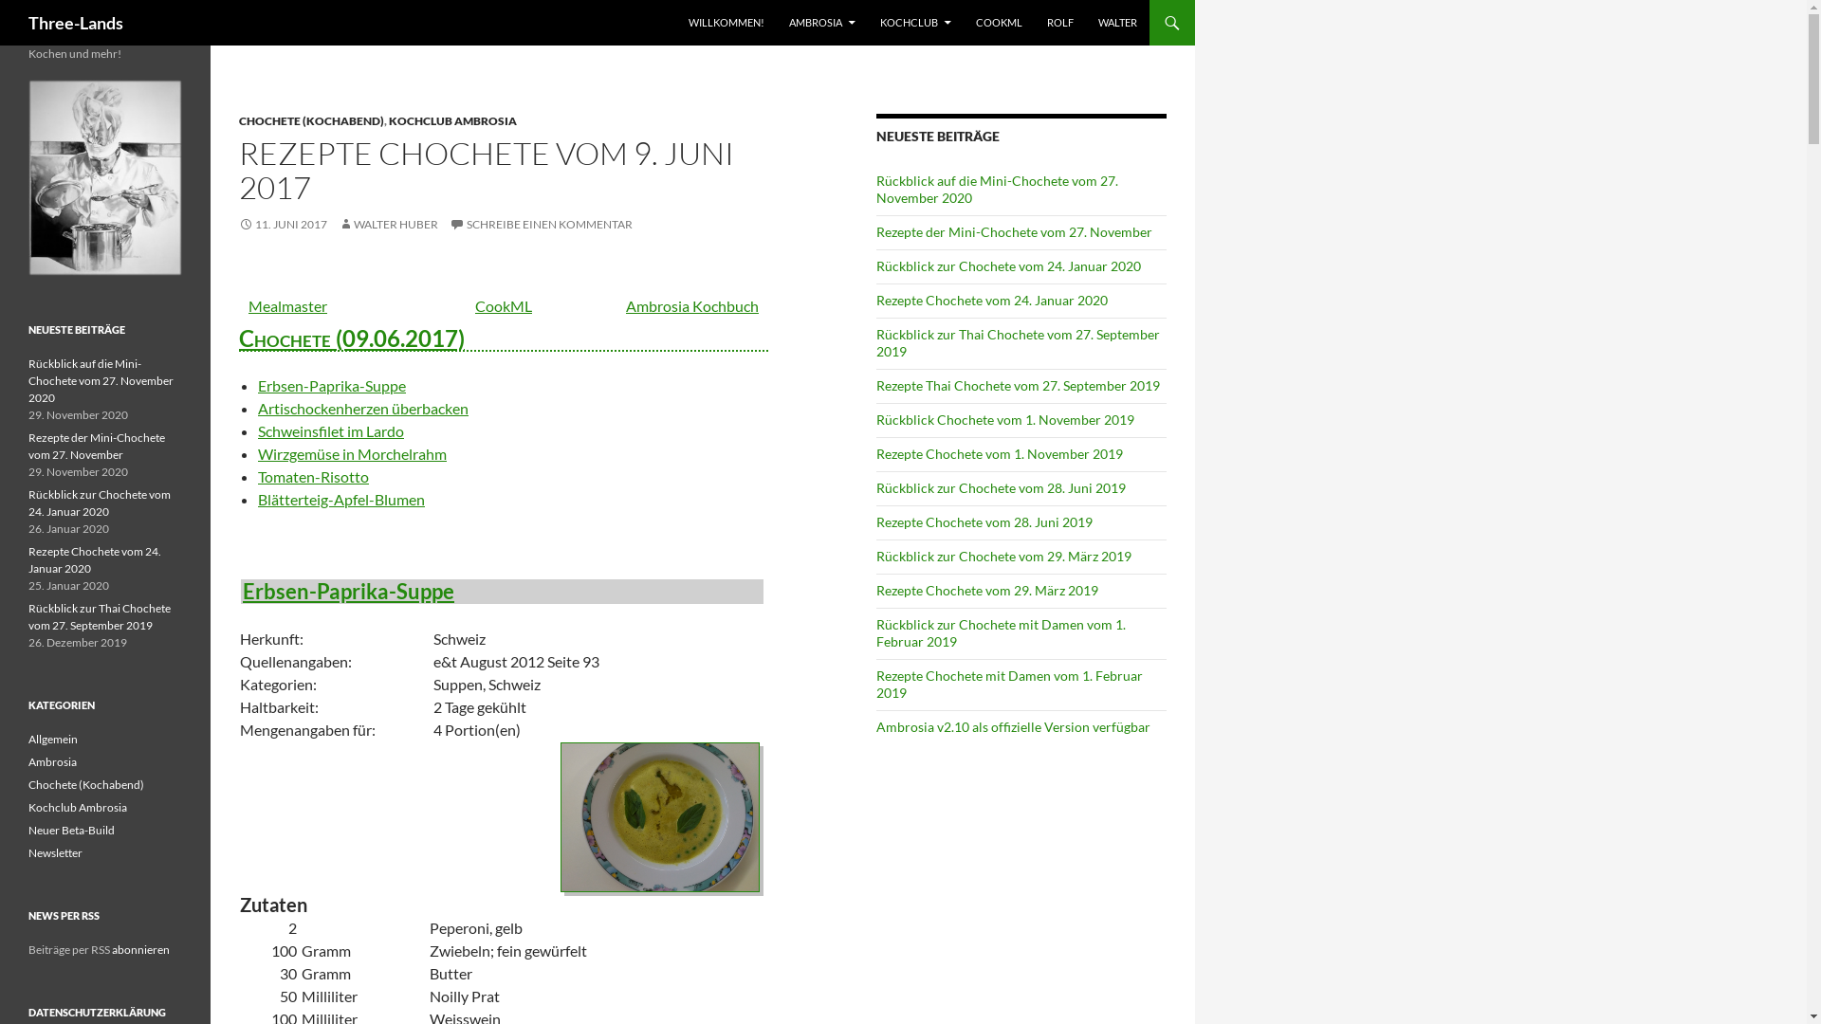  I want to click on 'Newsletter', so click(28, 851).